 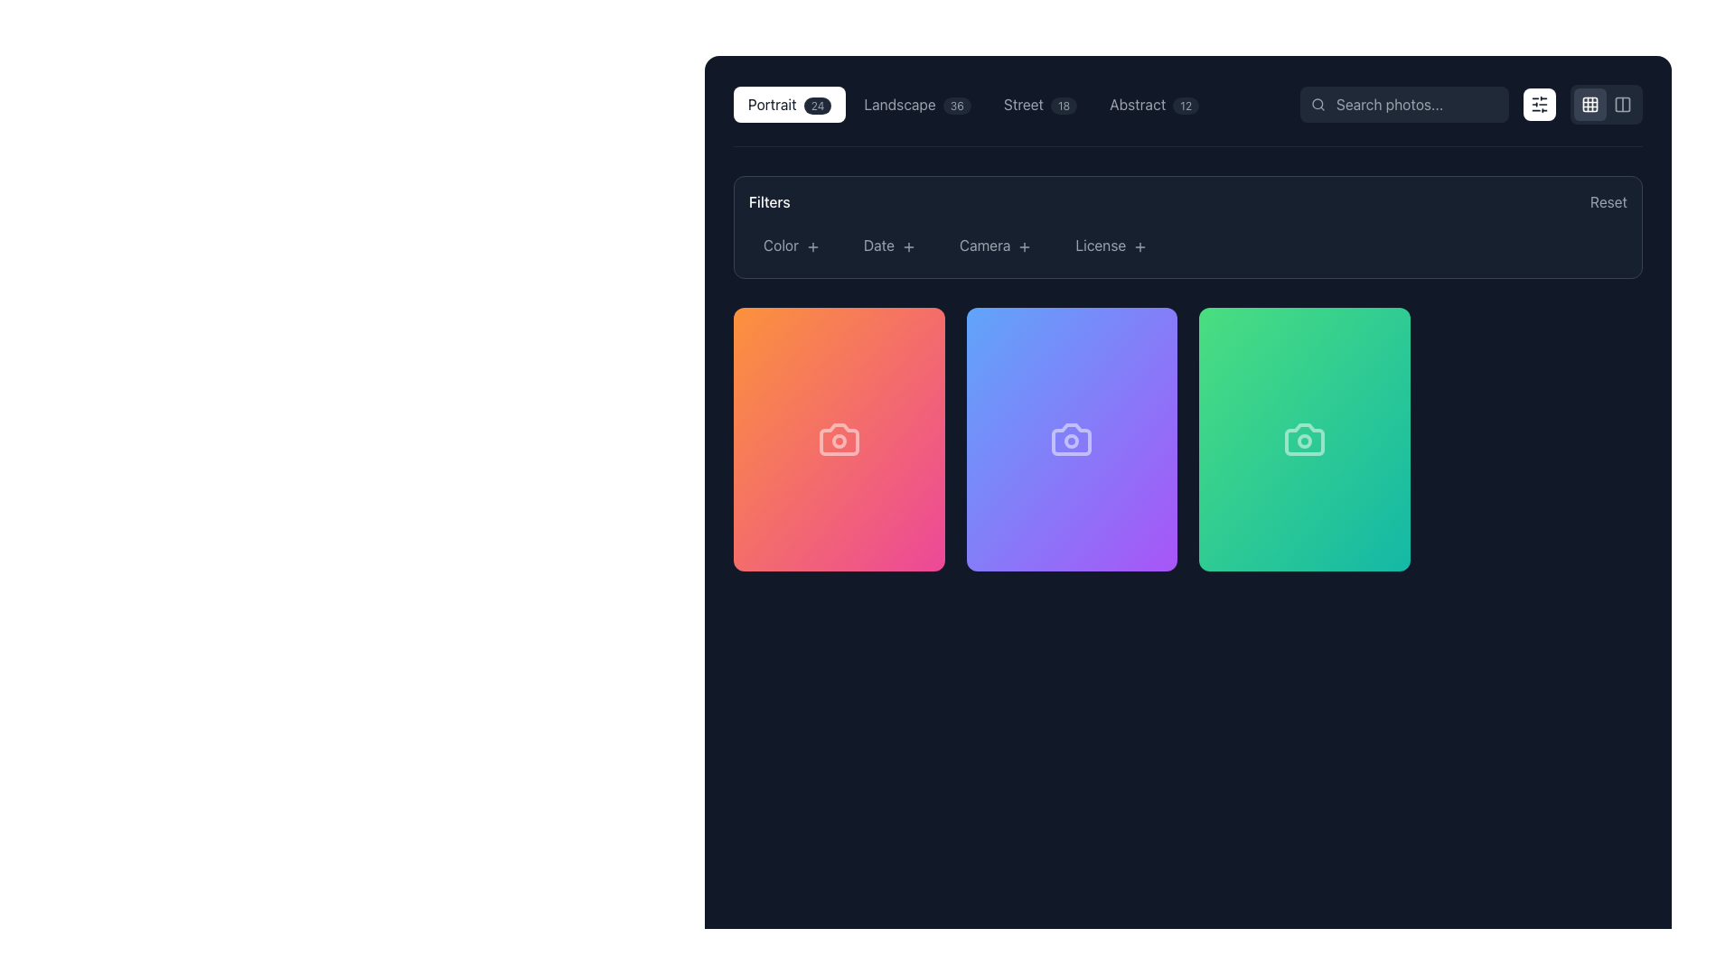 What do you see at coordinates (1188, 246) in the screenshot?
I see `the interactive filter options within the Filters section of the user interface` at bounding box center [1188, 246].